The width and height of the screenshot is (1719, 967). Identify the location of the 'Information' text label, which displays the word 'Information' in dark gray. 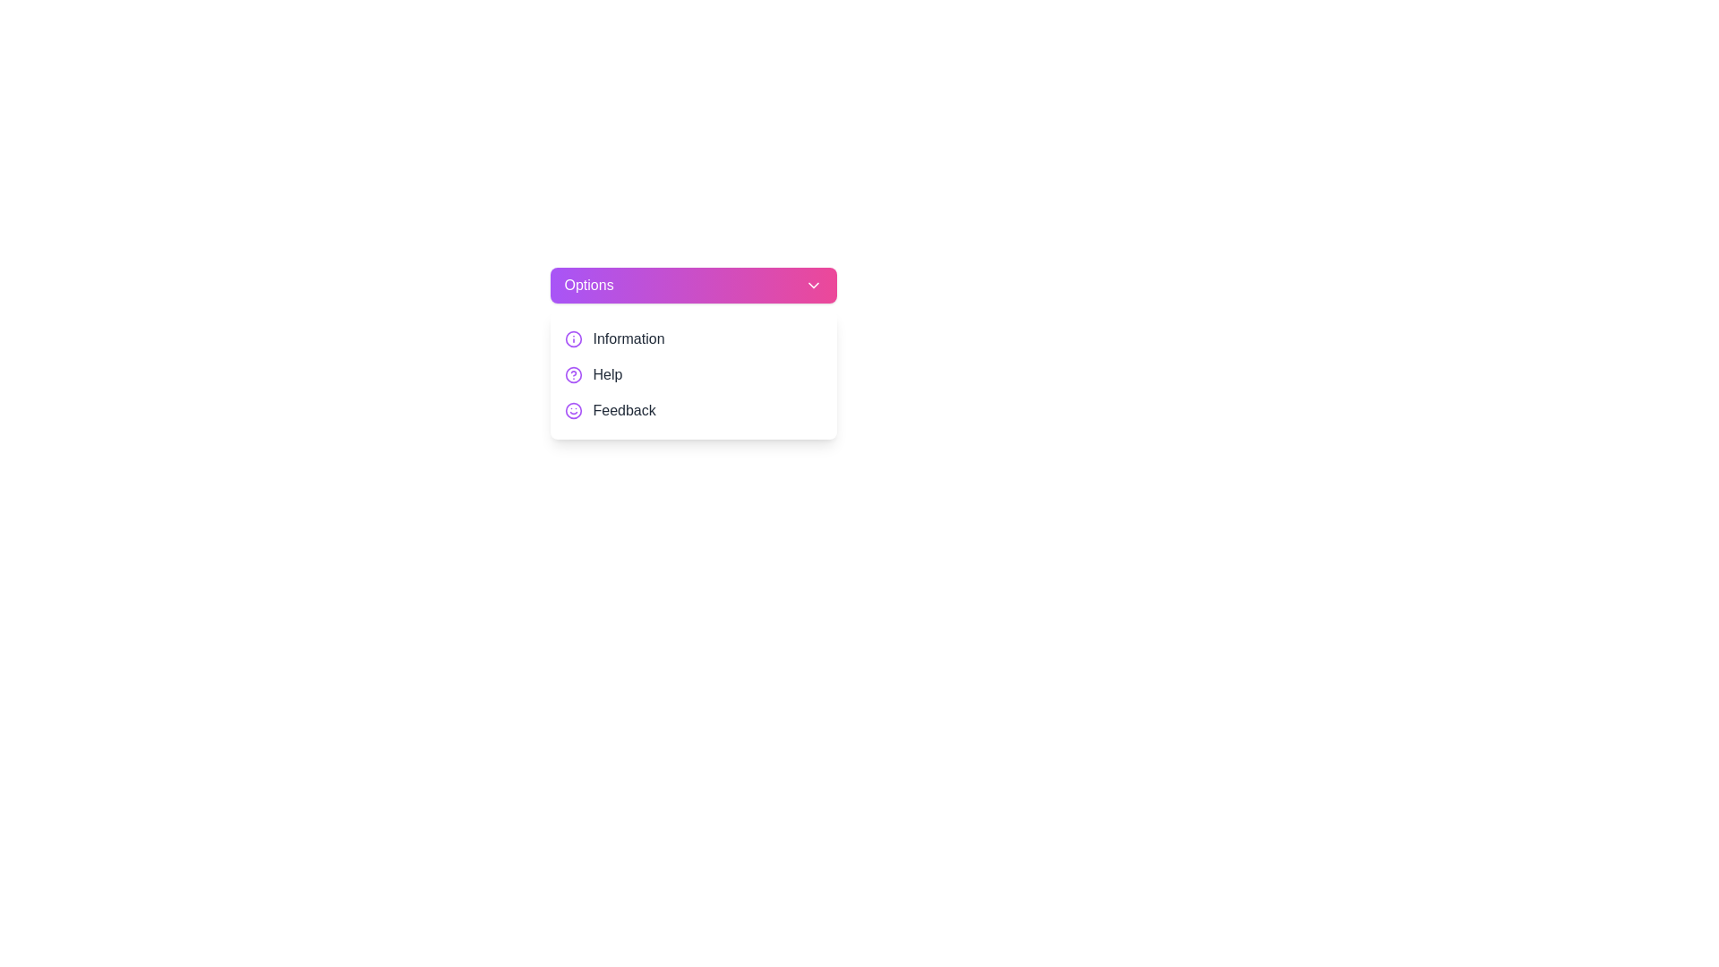
(629, 338).